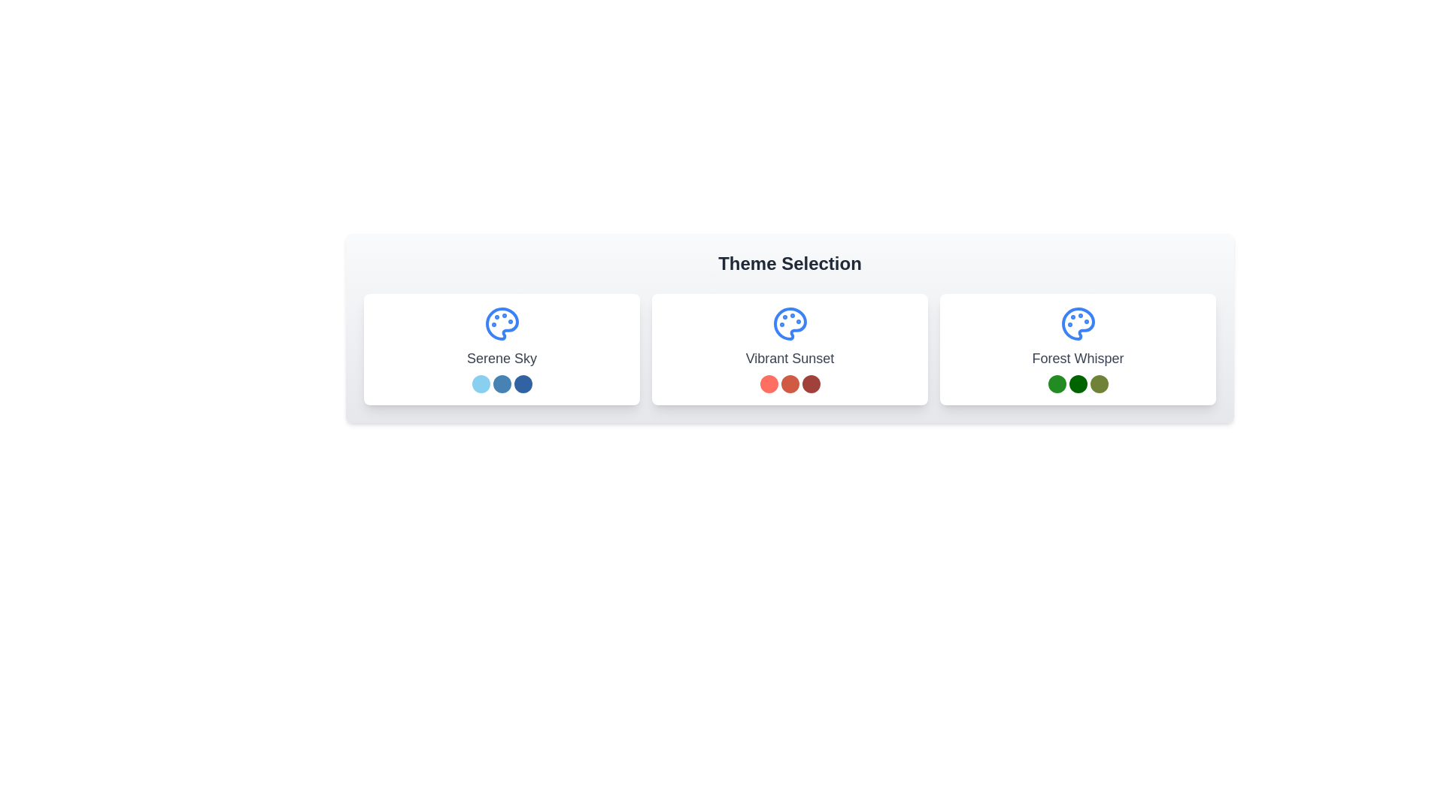 This screenshot has height=812, width=1444. I want to click on the circular color indicator representing the 'Forest Whisper' theme, which is located in the far right of the group of three indicators below the theme card, so click(1099, 383).